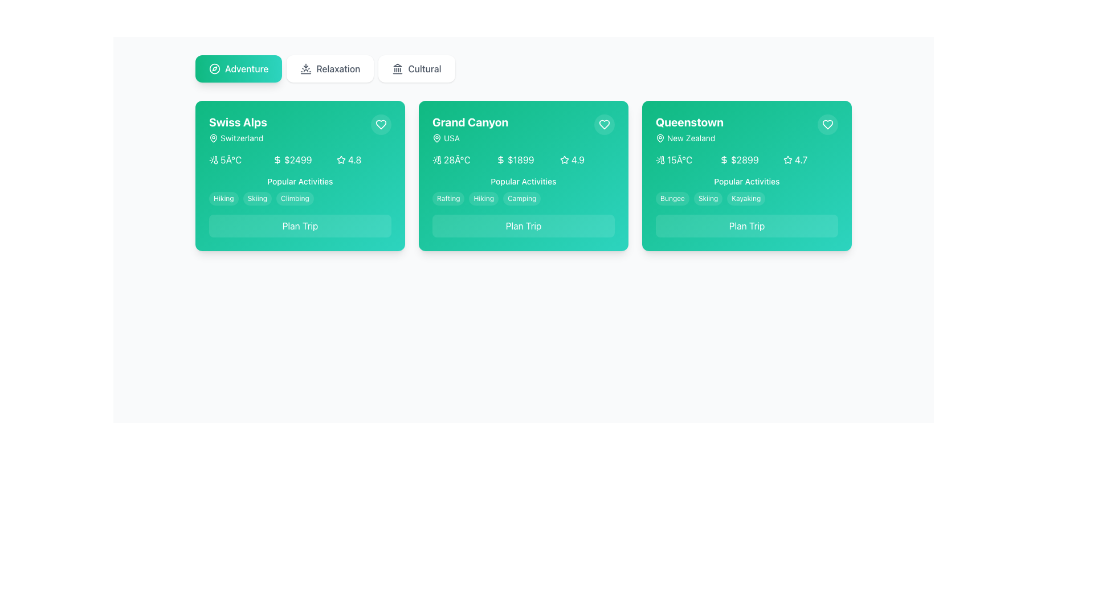 The width and height of the screenshot is (1094, 615). I want to click on the Icon button located at the top right corner of the 'Queenstown' card to mark it as a favorite, so click(603, 125).